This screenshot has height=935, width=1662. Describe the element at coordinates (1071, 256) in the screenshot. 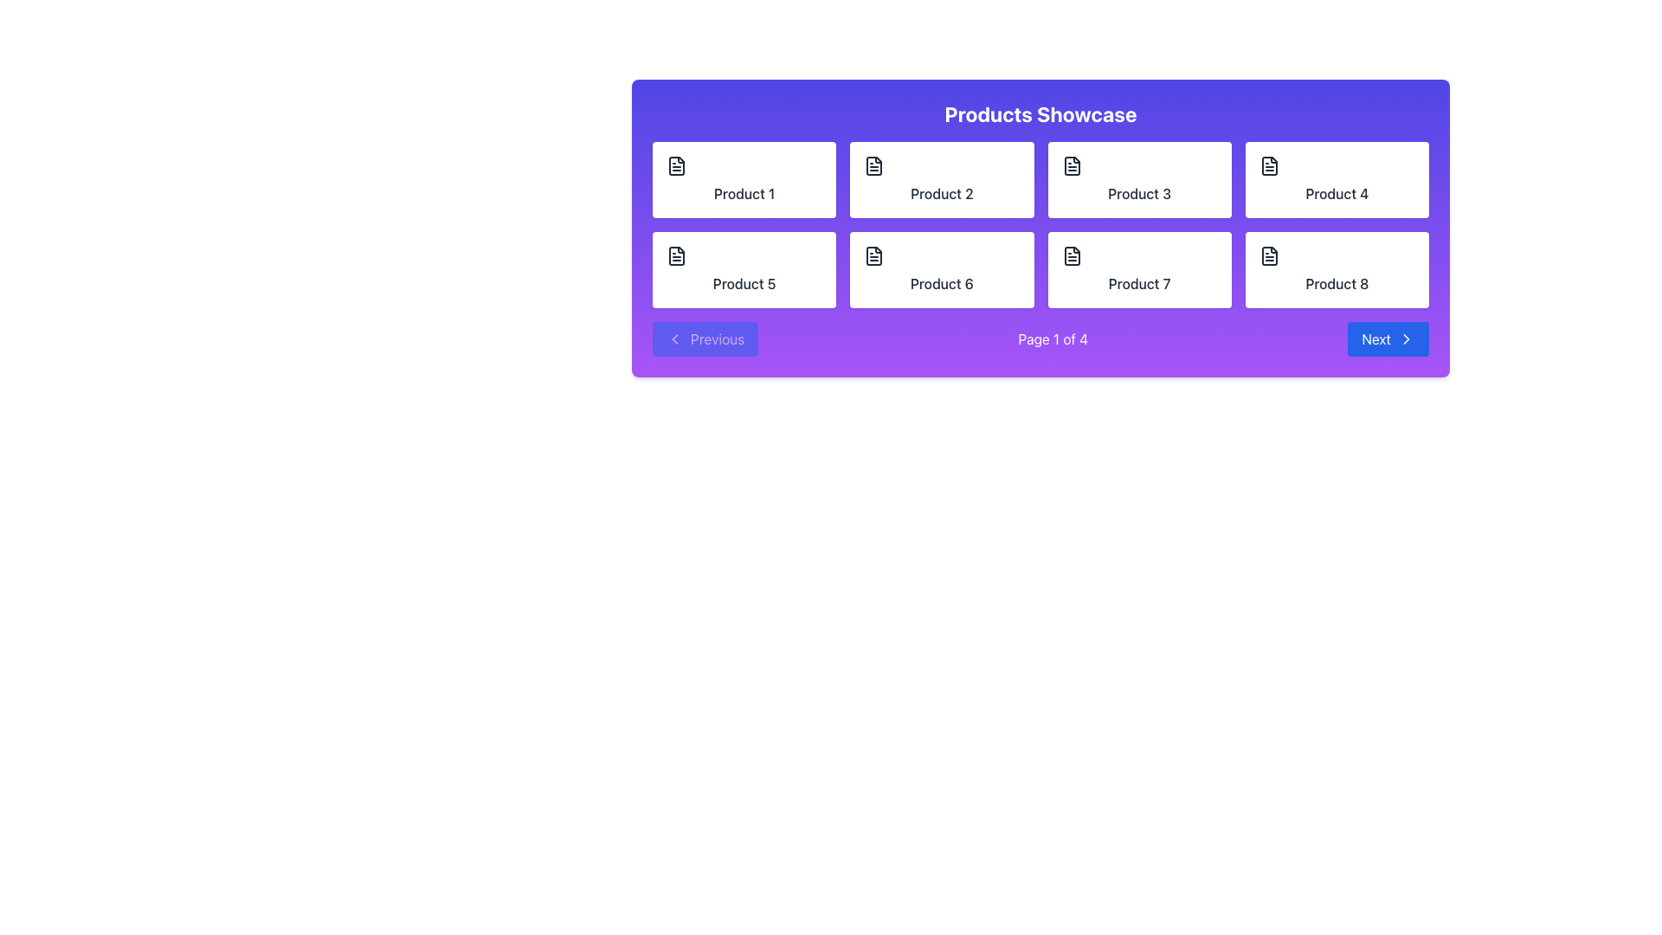

I see `the file icon associated with 'Product 7' in the Products Showcase section` at that location.